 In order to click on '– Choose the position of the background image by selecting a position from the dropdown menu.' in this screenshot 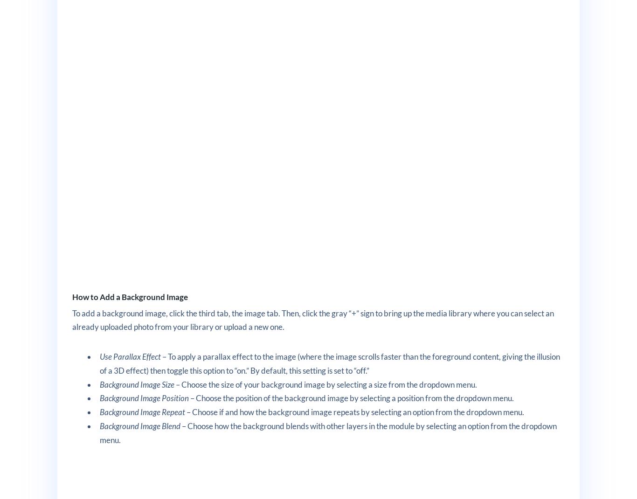, I will do `click(351, 398)`.